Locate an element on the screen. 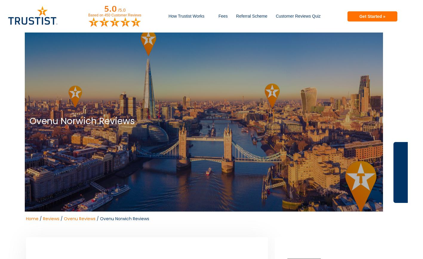 This screenshot has width=423, height=259. 'Get Started »' is located at coordinates (372, 16).